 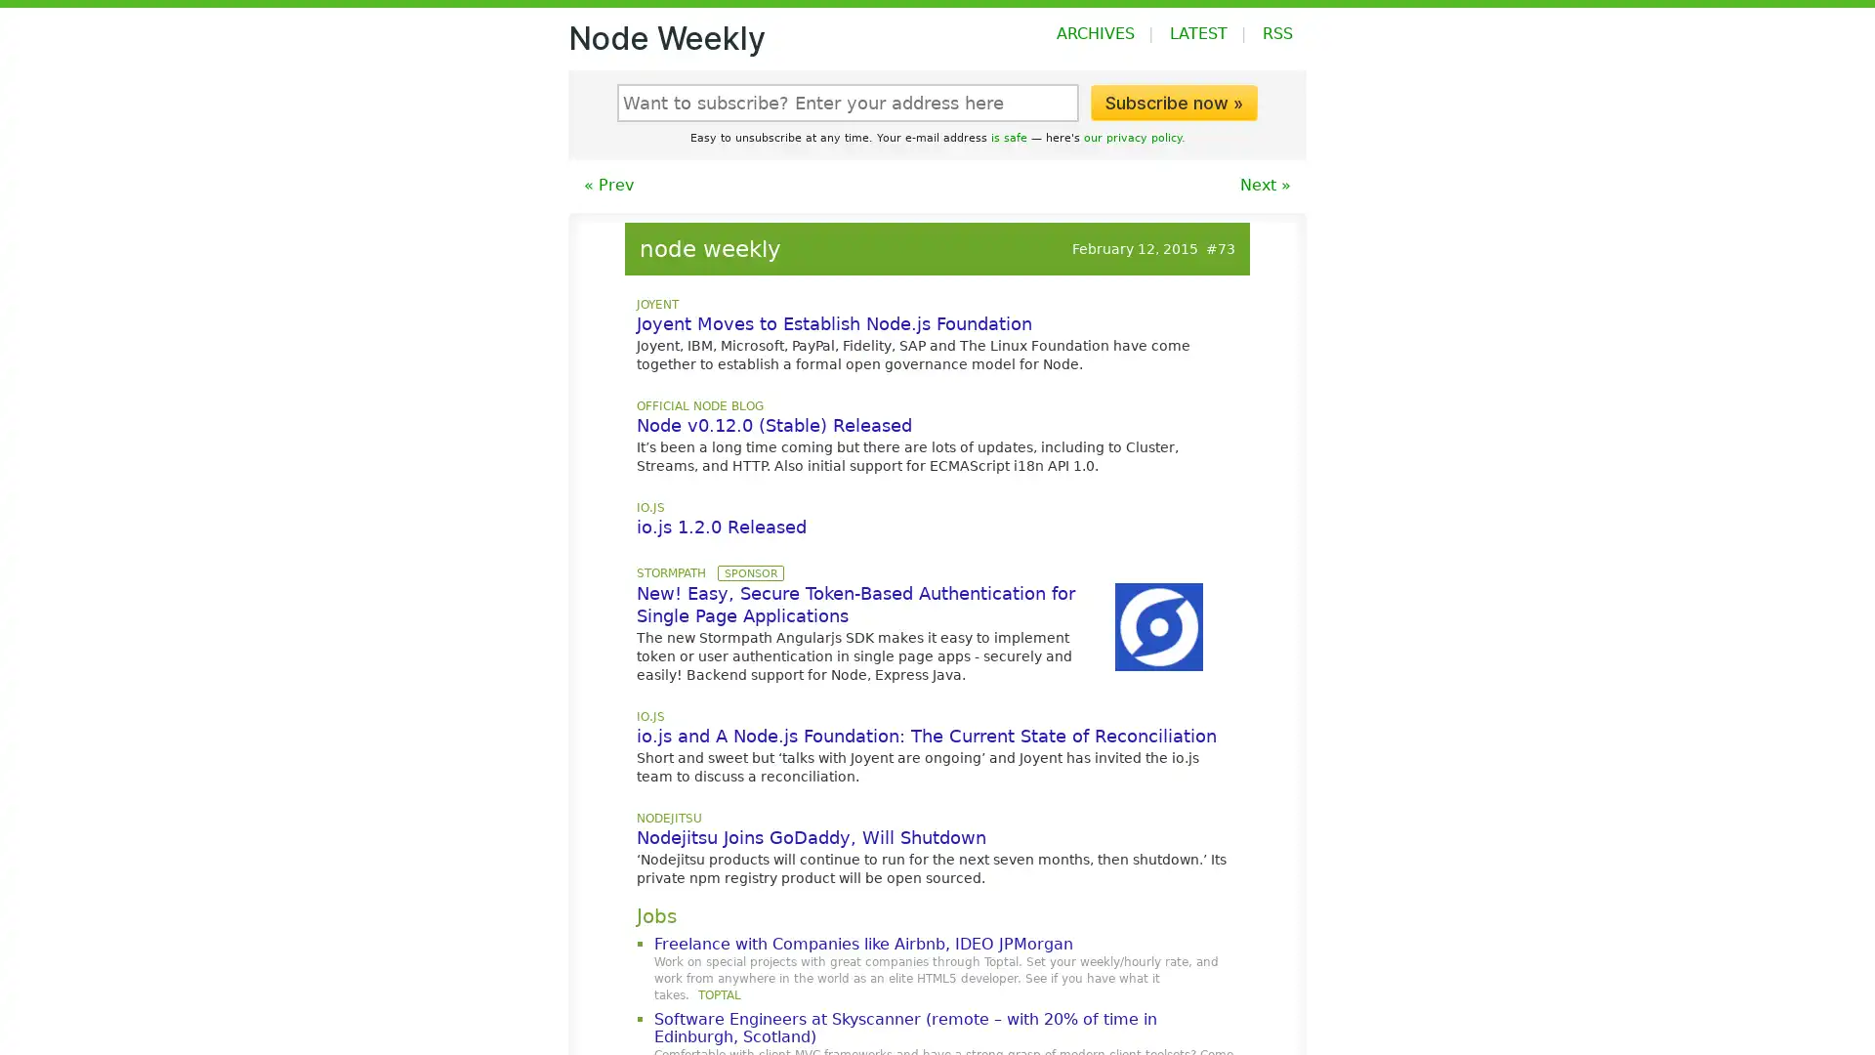 What do you see at coordinates (1173, 103) in the screenshot?
I see `Subscribe now` at bounding box center [1173, 103].